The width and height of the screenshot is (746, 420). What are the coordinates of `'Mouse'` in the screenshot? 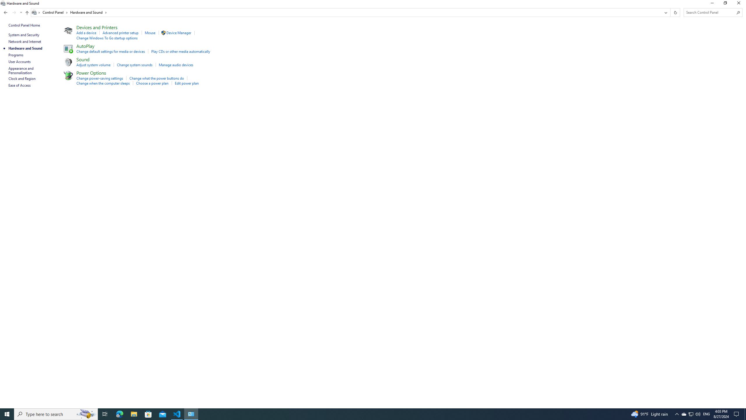 It's located at (149, 32).